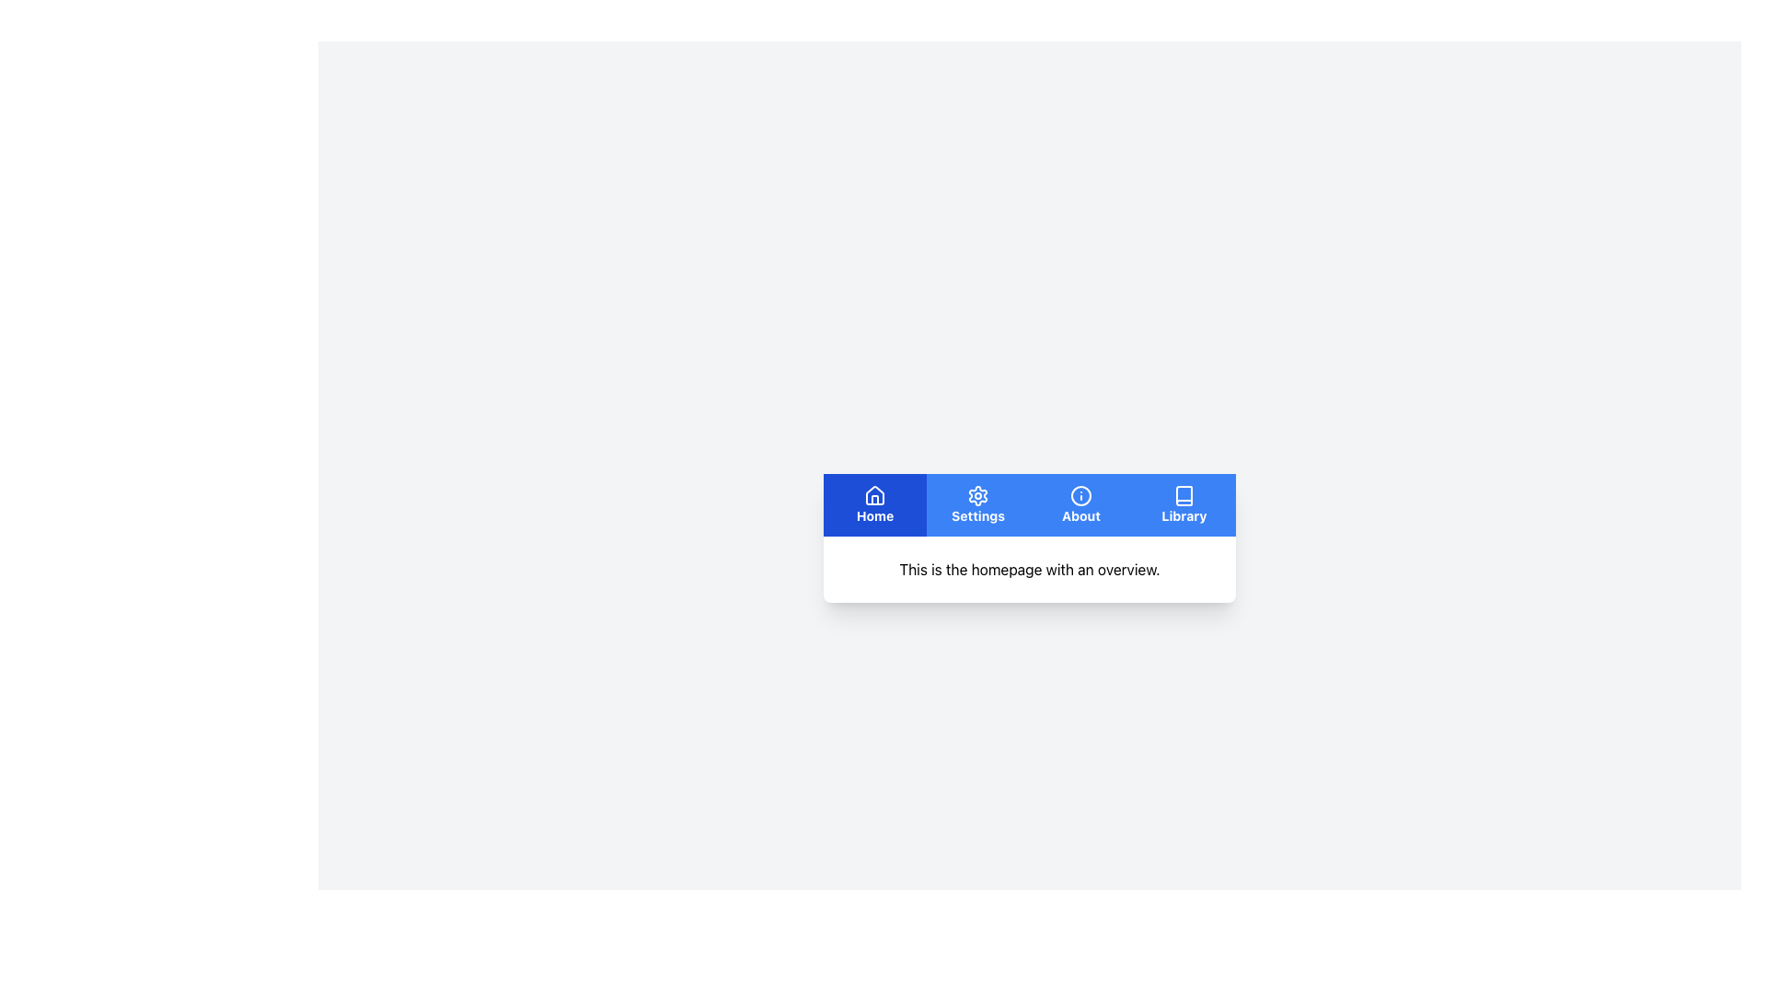  I want to click on the 'About' text label element styled with white text on a blue background, located in the navigation bar between 'Settings' and 'Library', so click(1081, 515).